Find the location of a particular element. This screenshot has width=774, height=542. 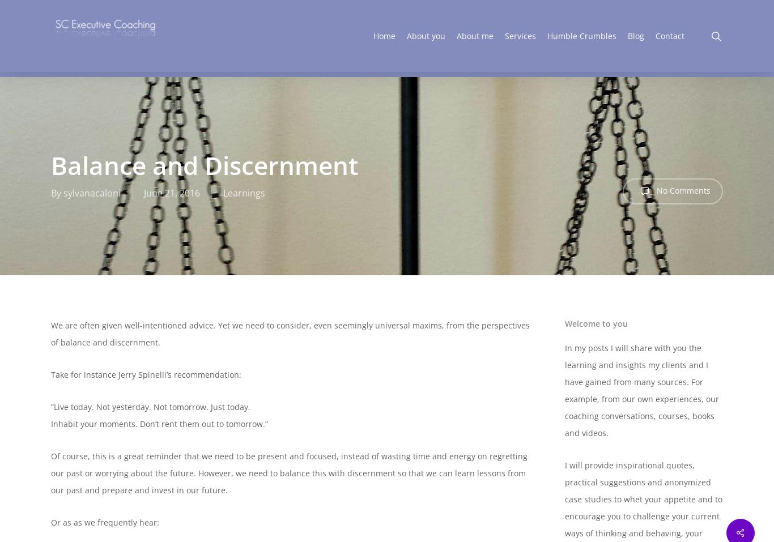

'Balance and Discernment' is located at coordinates (51, 165).